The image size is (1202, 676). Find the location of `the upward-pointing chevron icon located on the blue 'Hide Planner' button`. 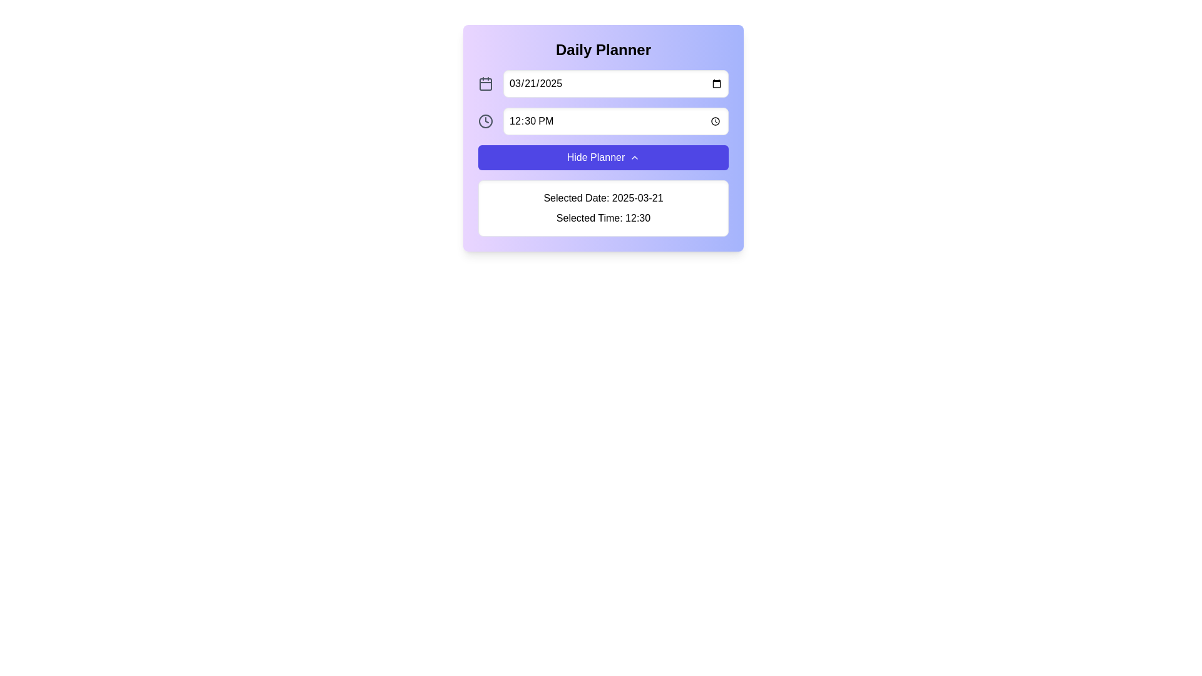

the upward-pointing chevron icon located on the blue 'Hide Planner' button is located at coordinates (635, 156).